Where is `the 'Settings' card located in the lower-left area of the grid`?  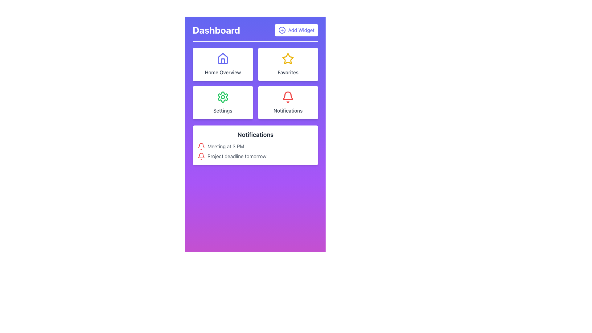
the 'Settings' card located in the lower-left area of the grid is located at coordinates (222, 102).